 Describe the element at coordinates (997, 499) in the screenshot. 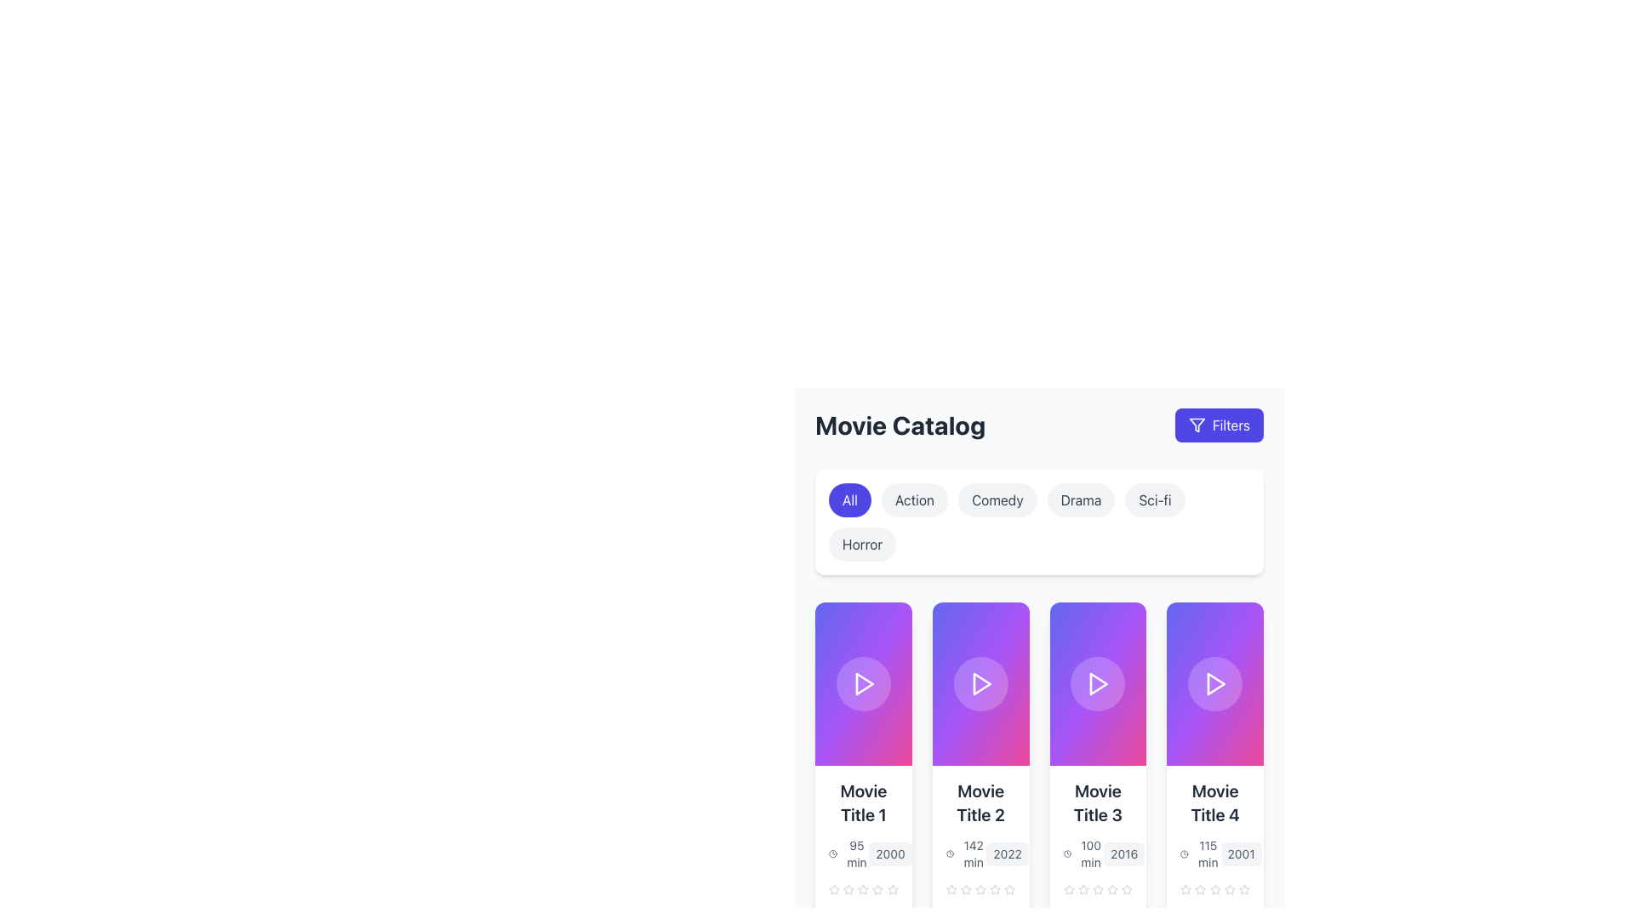

I see `the third Toggle button from the left` at that location.